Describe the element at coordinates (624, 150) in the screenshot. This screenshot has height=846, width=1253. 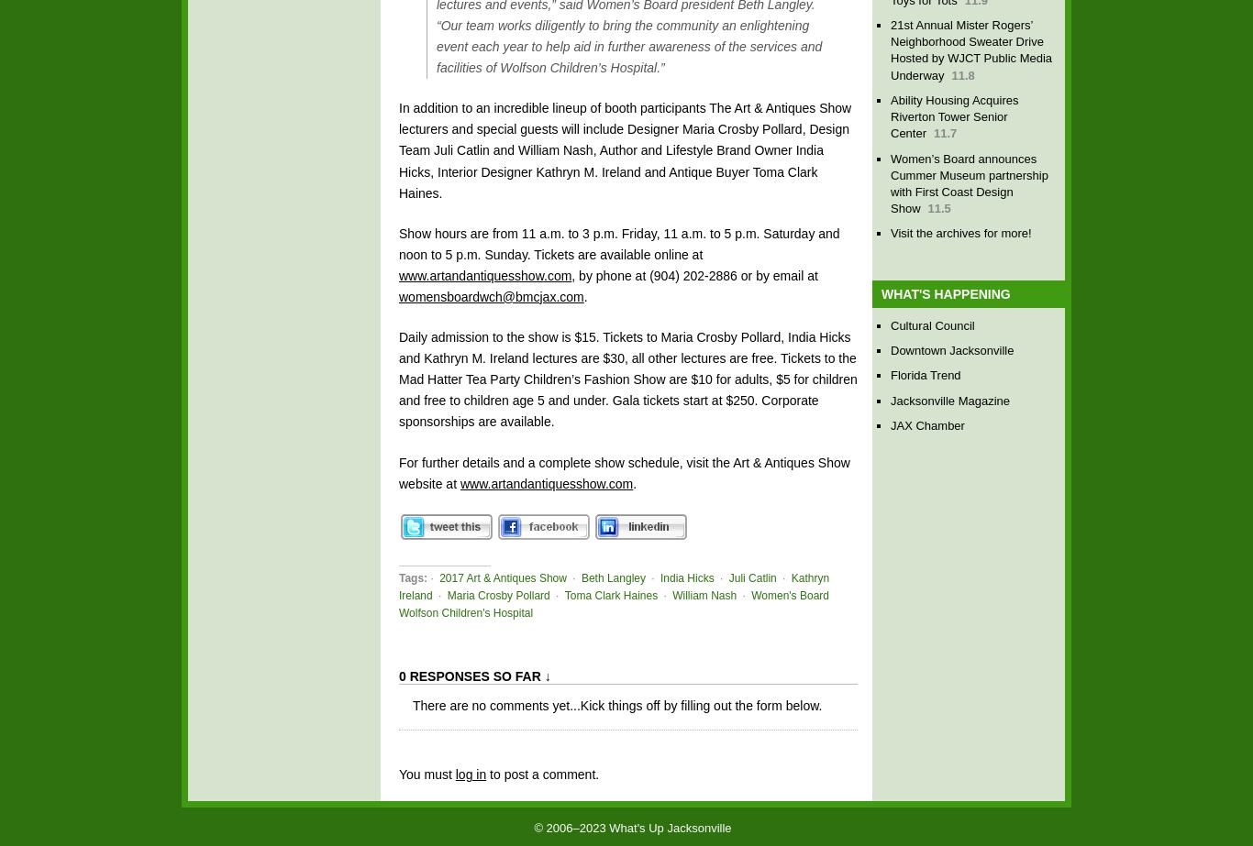
I see `'In addition to an incredible lineup of booth participants The Art & Antiques Show lecturers and special guests will include Designer Maria Crosby Pollard, Design Team Juli Catlin and William Nash, Author and Lifestyle Brand Owner India Hicks, Interior Designer Kathryn M. Ireland and Antique Buyer Toma Clark Haines.'` at that location.